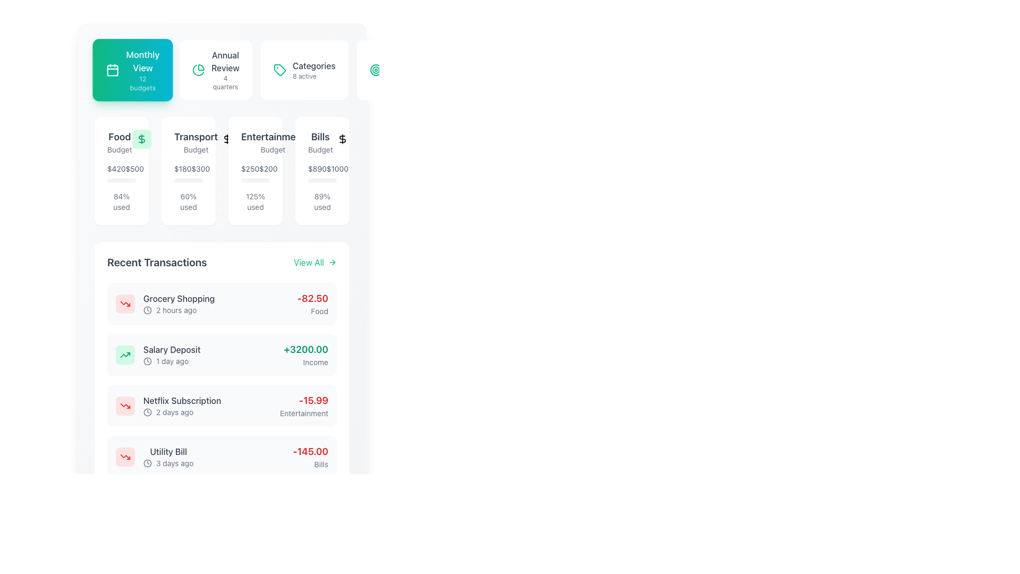 The height and width of the screenshot is (574, 1020). I want to click on the monetary amount indicator in the 'Recent Transactions' section, located to the right of the 'Grocery Shopping' label and above the 'Food' label, so click(312, 299).